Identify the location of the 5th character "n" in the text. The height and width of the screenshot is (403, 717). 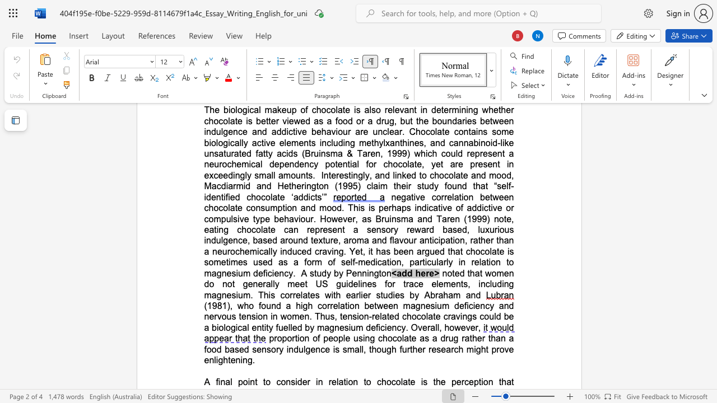
(281, 273).